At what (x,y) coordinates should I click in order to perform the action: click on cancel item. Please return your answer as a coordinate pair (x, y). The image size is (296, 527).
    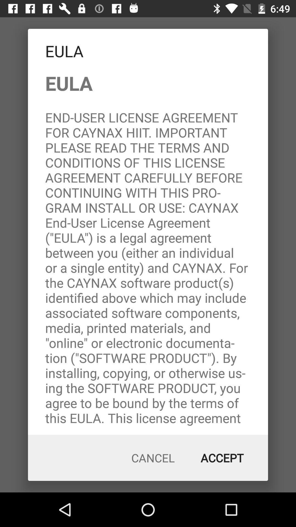
    Looking at the image, I should click on (153, 458).